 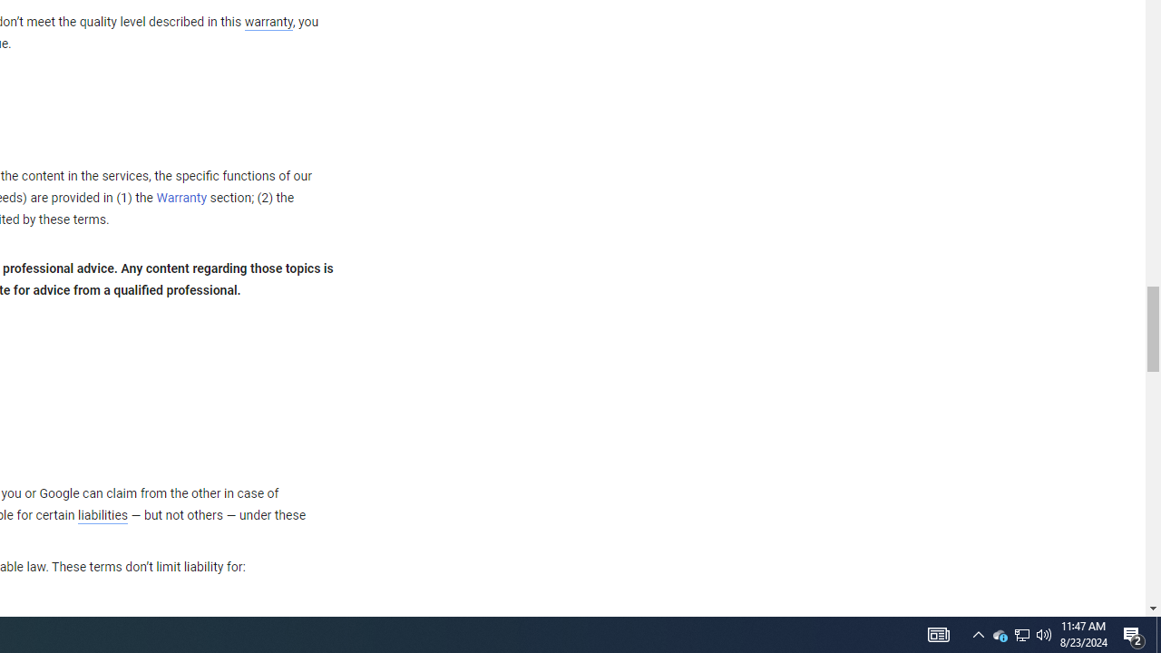 What do you see at coordinates (181, 199) in the screenshot?
I see `'Warranty'` at bounding box center [181, 199].